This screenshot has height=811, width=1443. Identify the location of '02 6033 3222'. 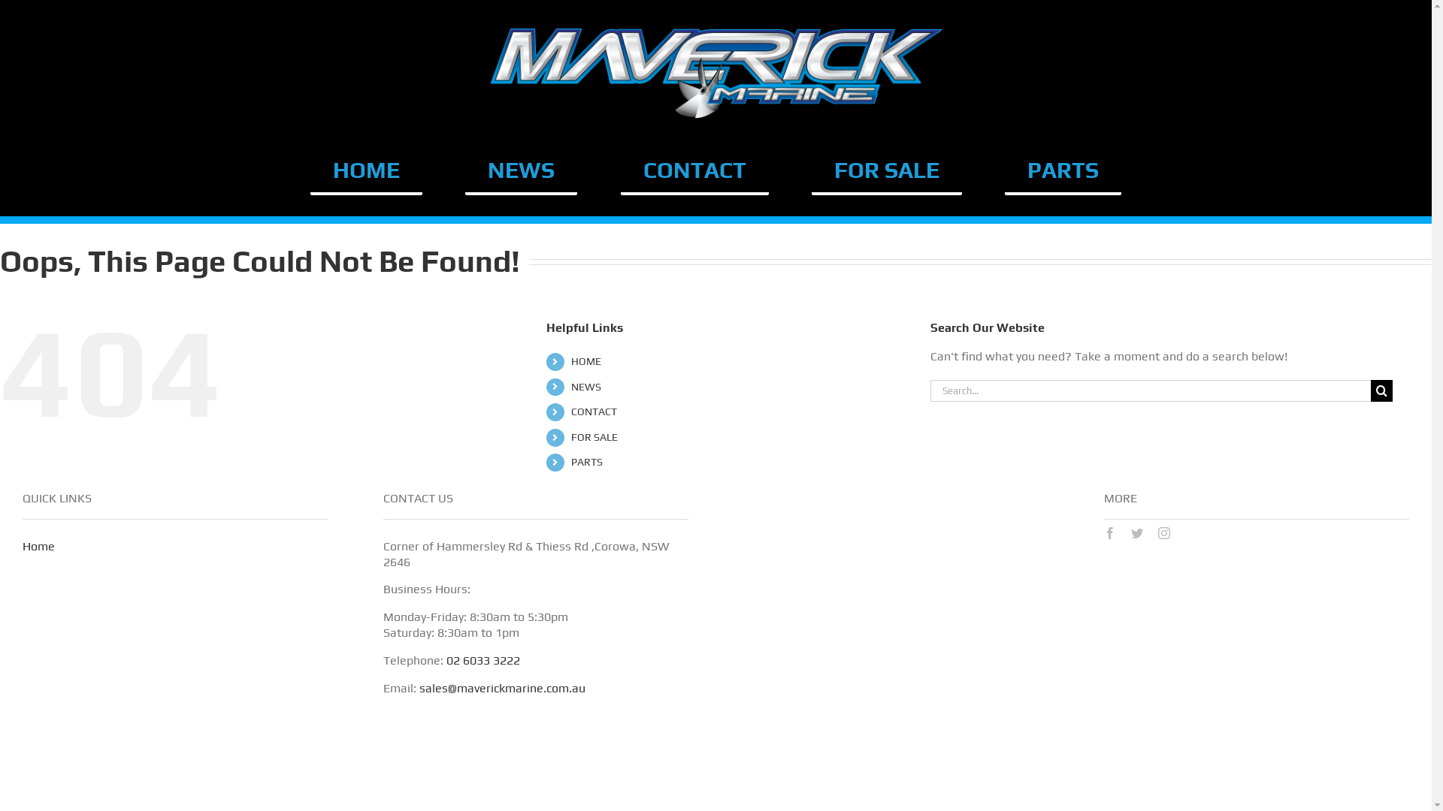
(483, 659).